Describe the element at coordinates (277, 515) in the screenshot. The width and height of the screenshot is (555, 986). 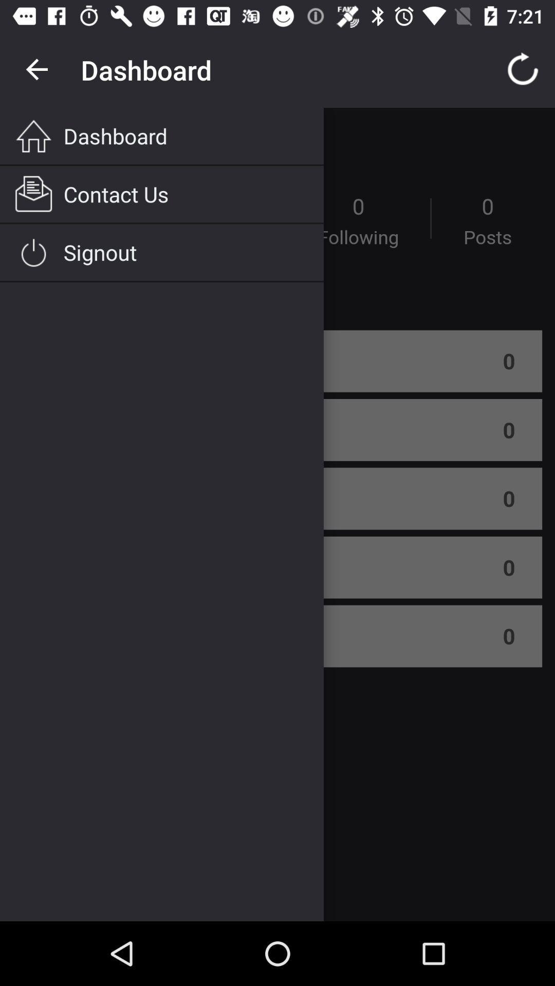
I see `selects the entire dashboard` at that location.